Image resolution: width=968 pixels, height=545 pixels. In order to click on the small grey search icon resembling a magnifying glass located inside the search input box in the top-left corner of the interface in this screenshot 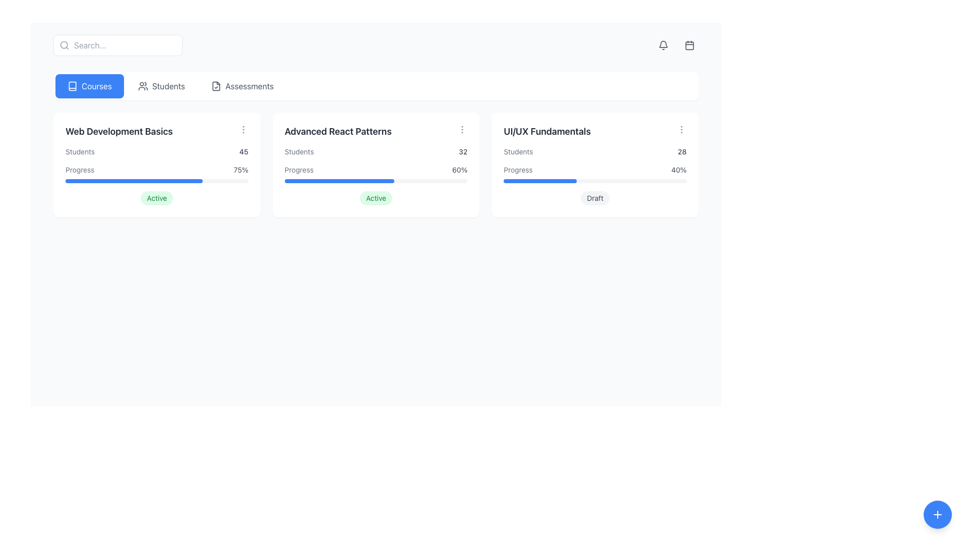, I will do `click(64, 44)`.